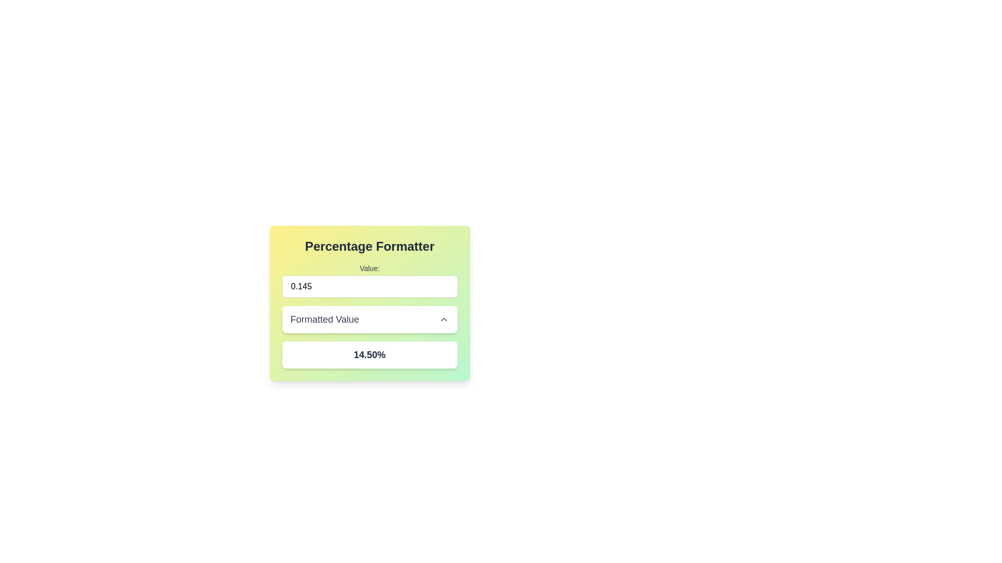 Image resolution: width=1002 pixels, height=563 pixels. I want to click on the Dropdown menu labeled 'Formatted Value' for keyboard navigation interaction, so click(369, 319).